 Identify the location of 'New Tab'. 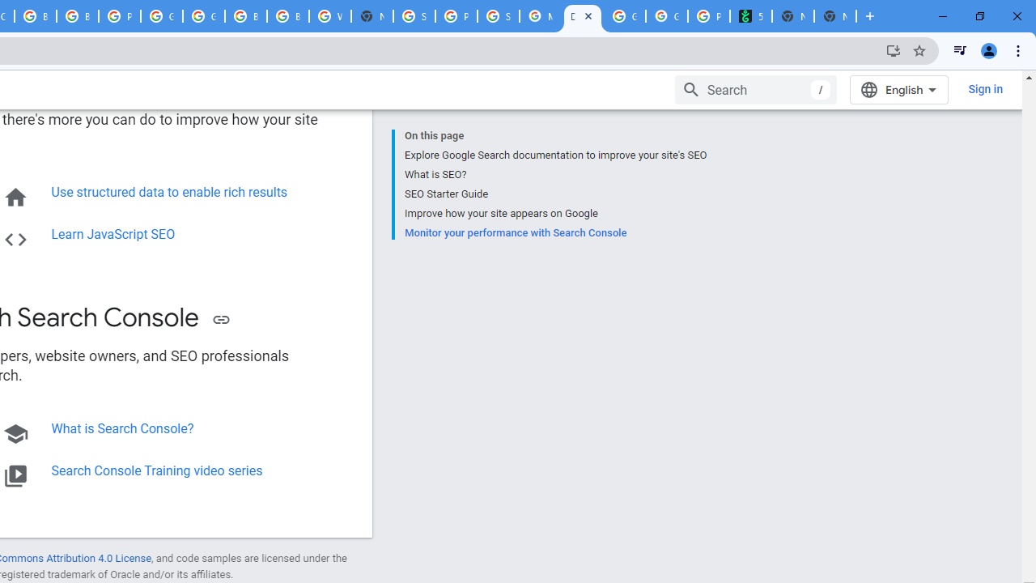
(835, 16).